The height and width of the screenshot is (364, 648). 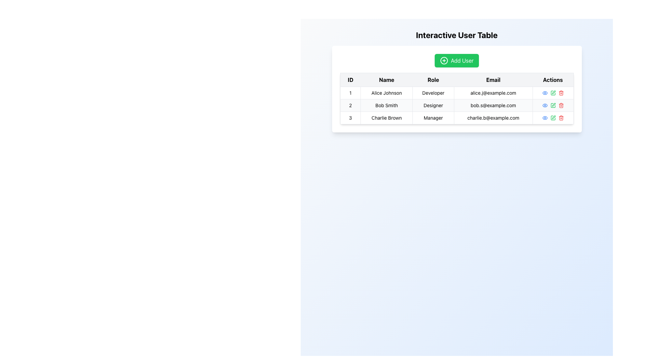 I want to click on the green pen icon in the Actions column of the second row for the user named 'Bob Smith', so click(x=553, y=93).